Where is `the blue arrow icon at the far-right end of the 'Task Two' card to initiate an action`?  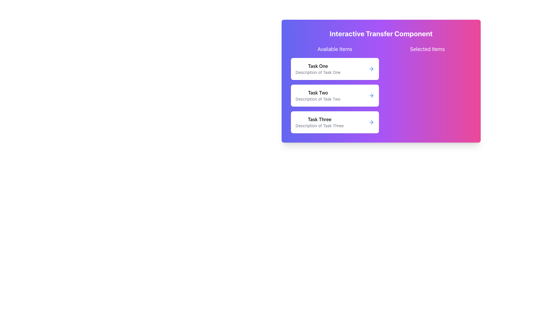
the blue arrow icon at the far-right end of the 'Task Two' card to initiate an action is located at coordinates (371, 95).